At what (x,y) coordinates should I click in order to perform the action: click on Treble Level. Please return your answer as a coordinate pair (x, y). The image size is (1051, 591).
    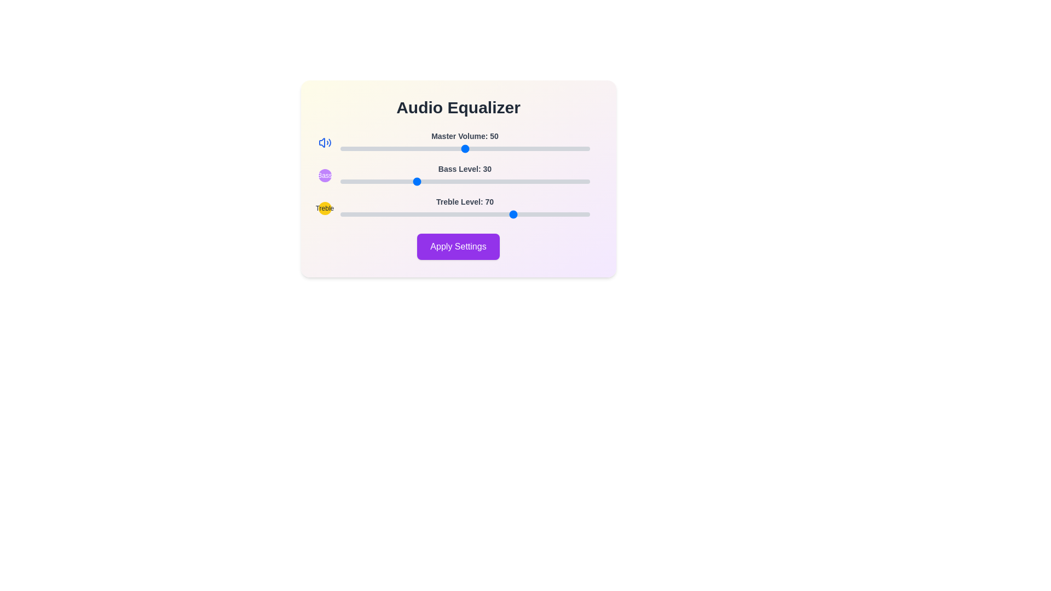
    Looking at the image, I should click on (417, 215).